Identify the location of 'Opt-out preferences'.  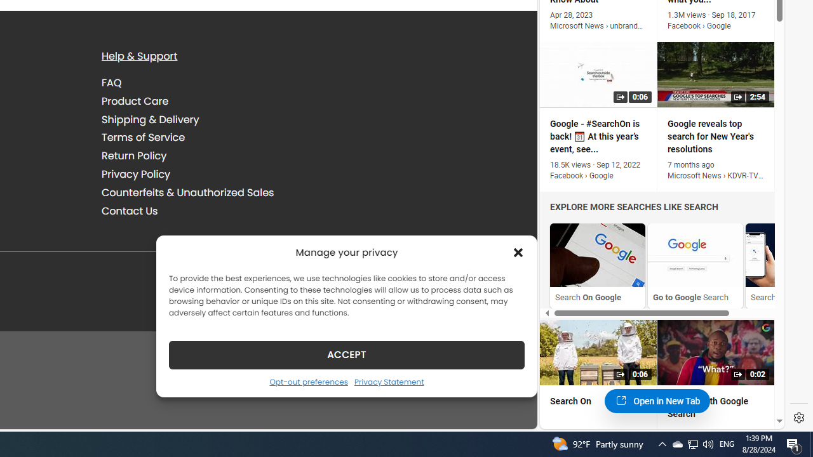
(308, 381).